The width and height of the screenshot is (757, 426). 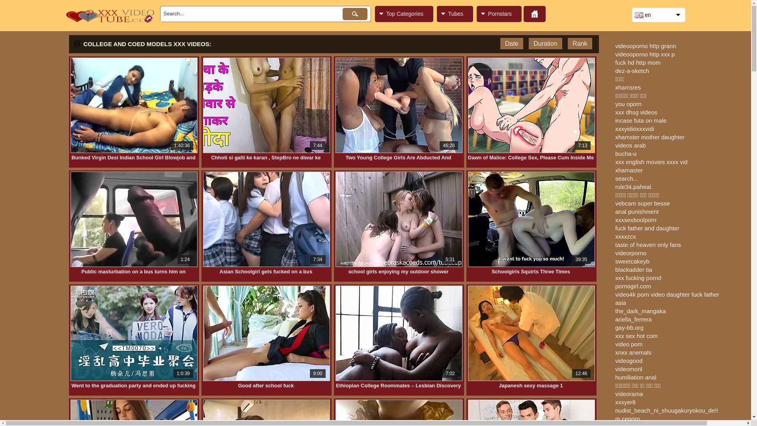 What do you see at coordinates (628, 344) in the screenshot?
I see `'video pom'` at bounding box center [628, 344].